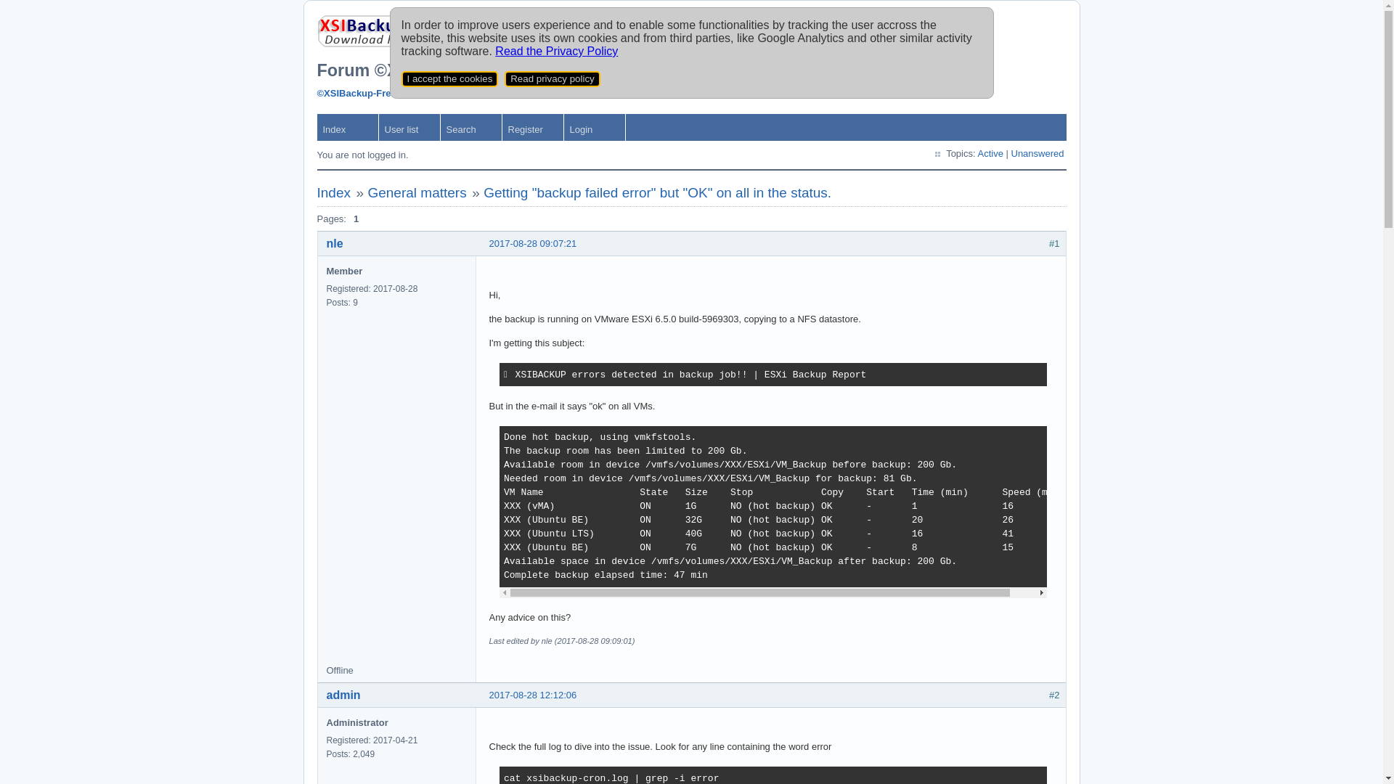 The height and width of the screenshot is (784, 1394). Describe the element at coordinates (989, 153) in the screenshot. I see `'Active'` at that location.